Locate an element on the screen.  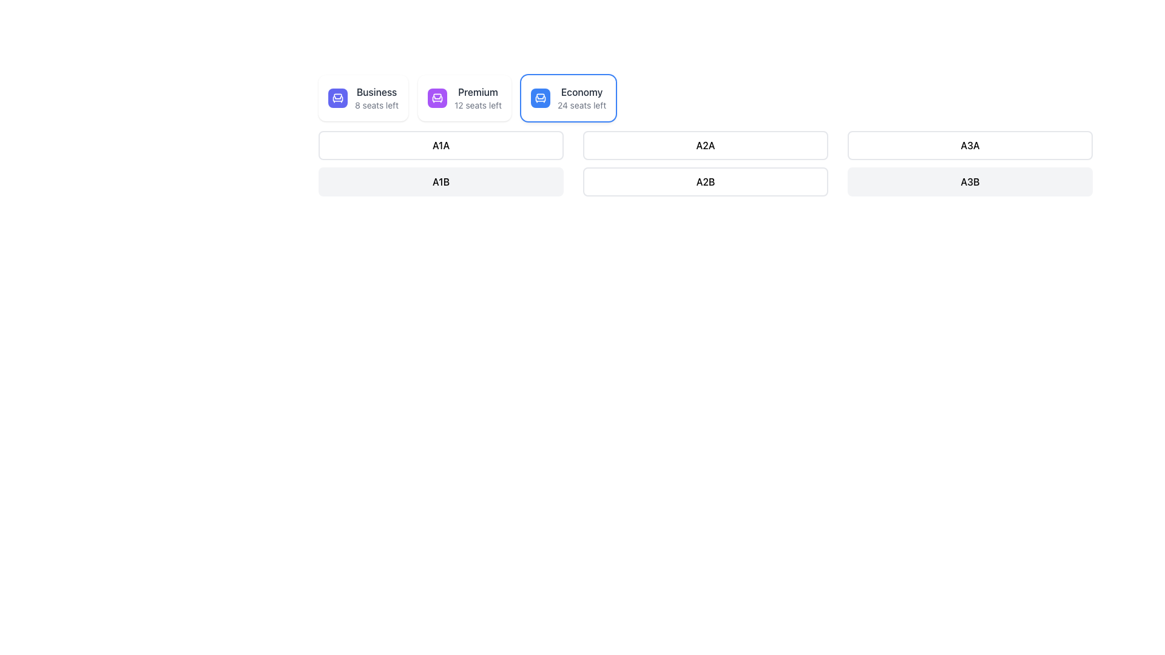
information displayed in the 'Premium' option, which includes the text 'Premium' in bold and '12 seats left' in a lighter font, located in the second position of the options group is located at coordinates (464, 98).